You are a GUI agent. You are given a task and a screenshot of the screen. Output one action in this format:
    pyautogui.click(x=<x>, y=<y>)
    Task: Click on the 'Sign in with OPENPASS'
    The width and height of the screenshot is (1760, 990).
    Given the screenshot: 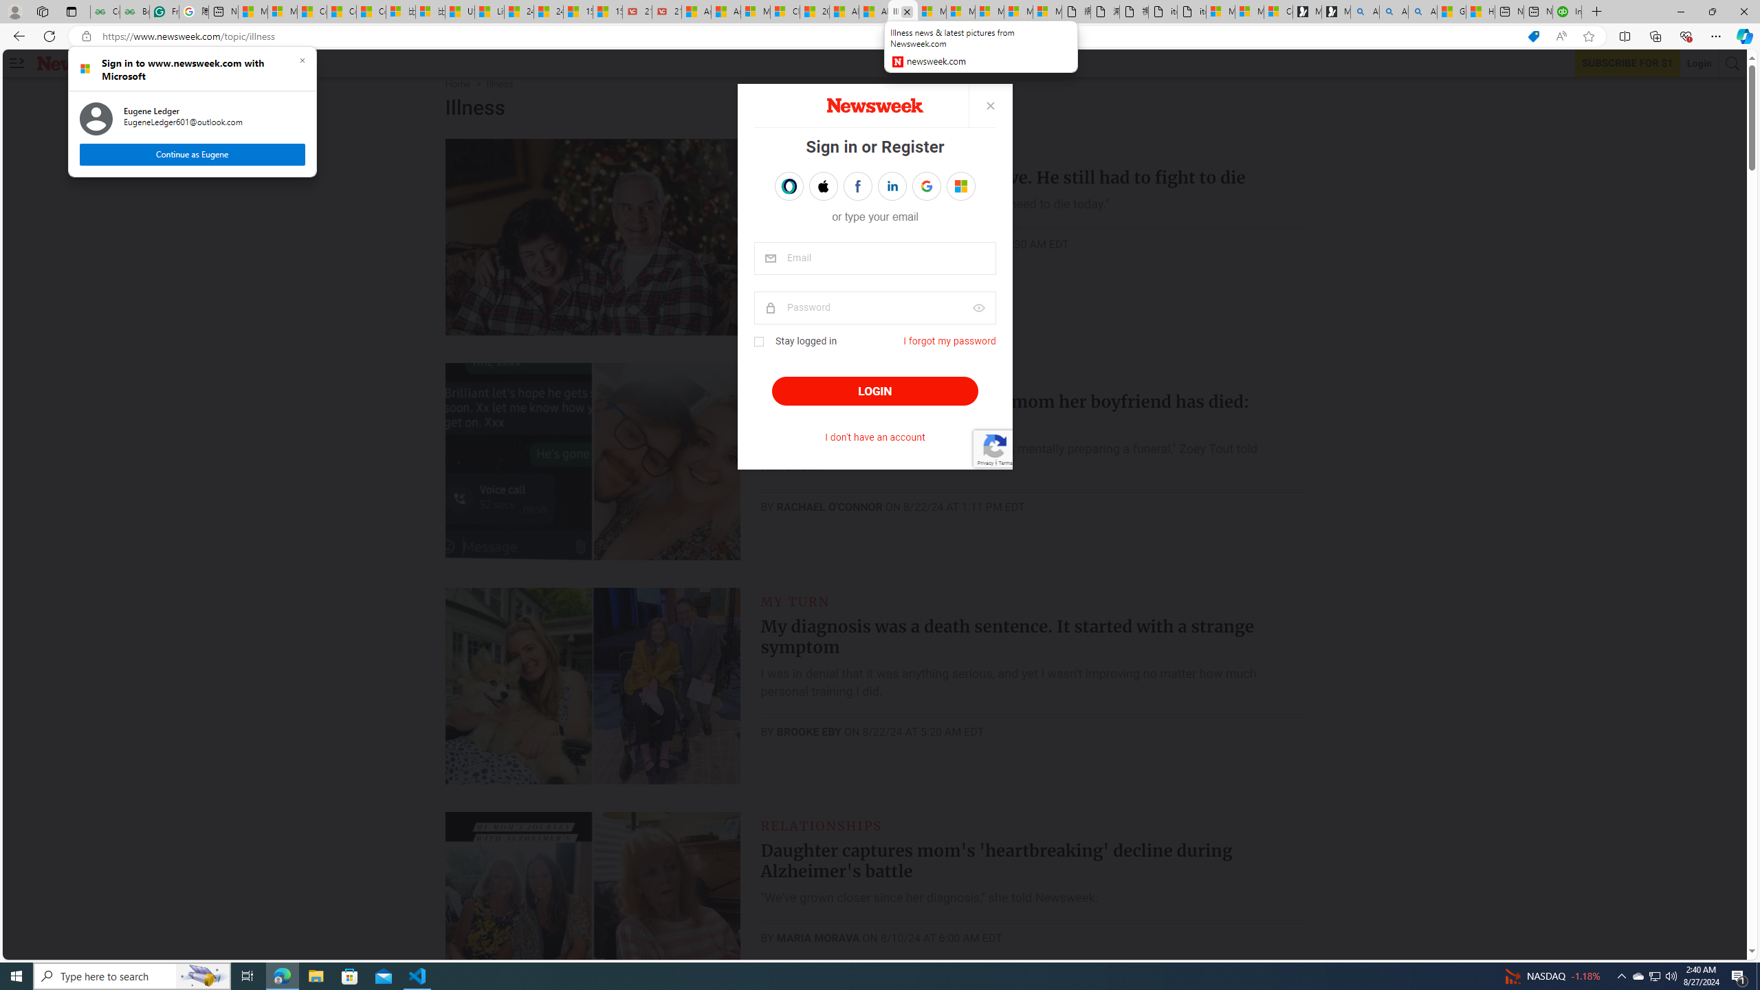 What is the action you would take?
    pyautogui.click(x=789, y=186)
    